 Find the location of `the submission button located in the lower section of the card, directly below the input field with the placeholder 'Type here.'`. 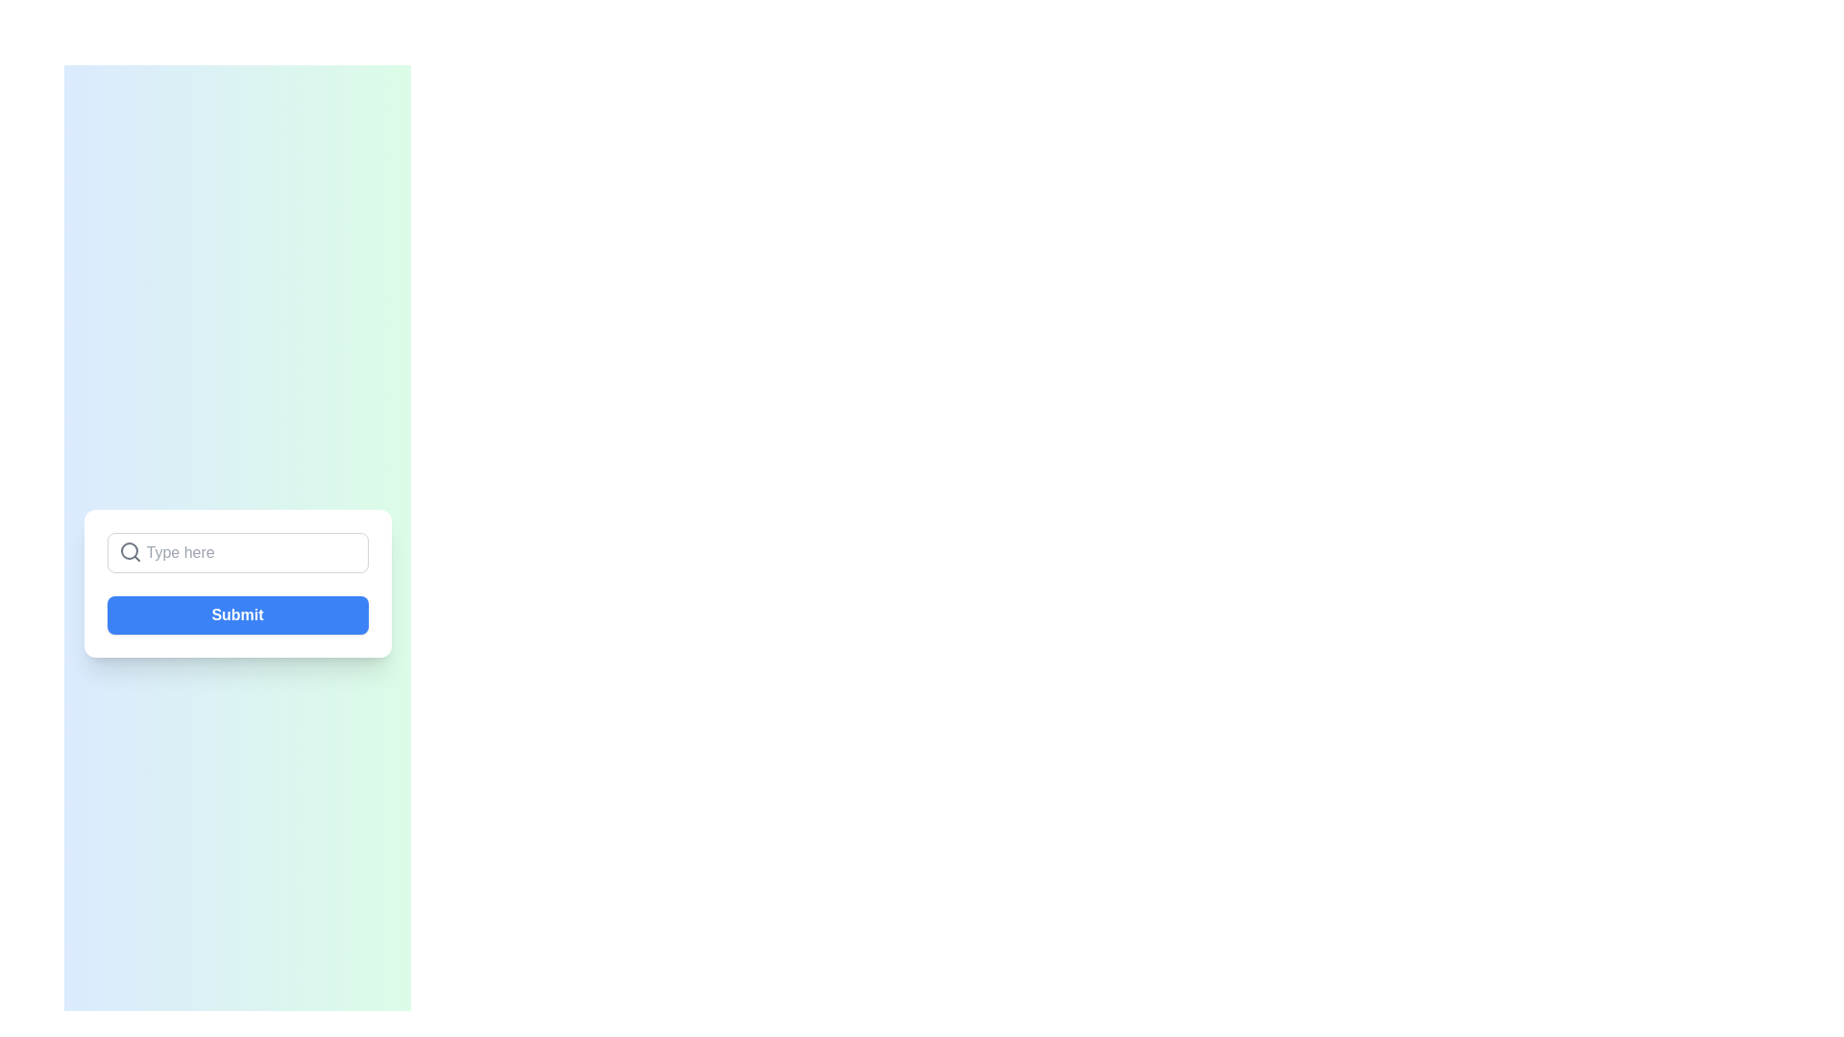

the submission button located in the lower section of the card, directly below the input field with the placeholder 'Type here.' is located at coordinates (236, 583).